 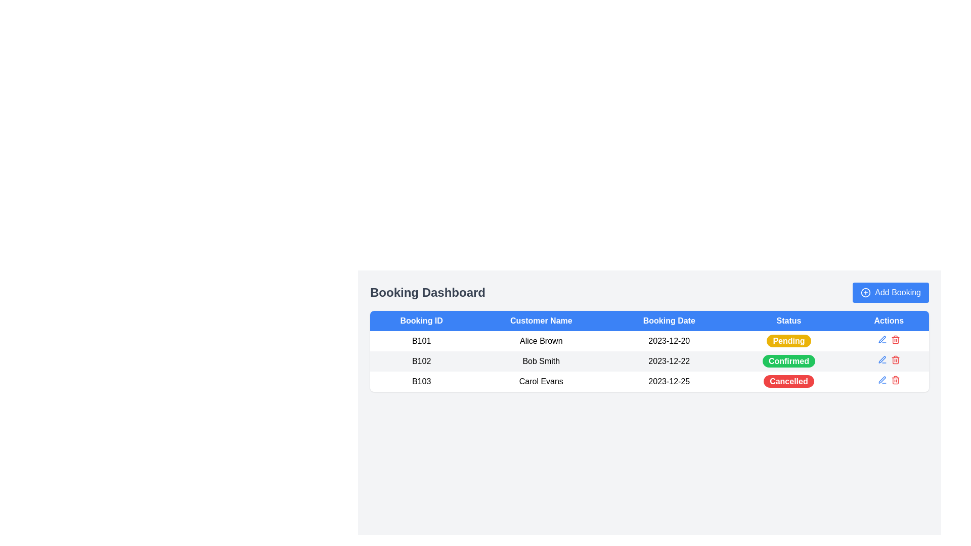 What do you see at coordinates (881, 339) in the screenshot?
I see `the edit icon represented by a pen SVG graphic in the Actions column for booking ID 'B102'` at bounding box center [881, 339].